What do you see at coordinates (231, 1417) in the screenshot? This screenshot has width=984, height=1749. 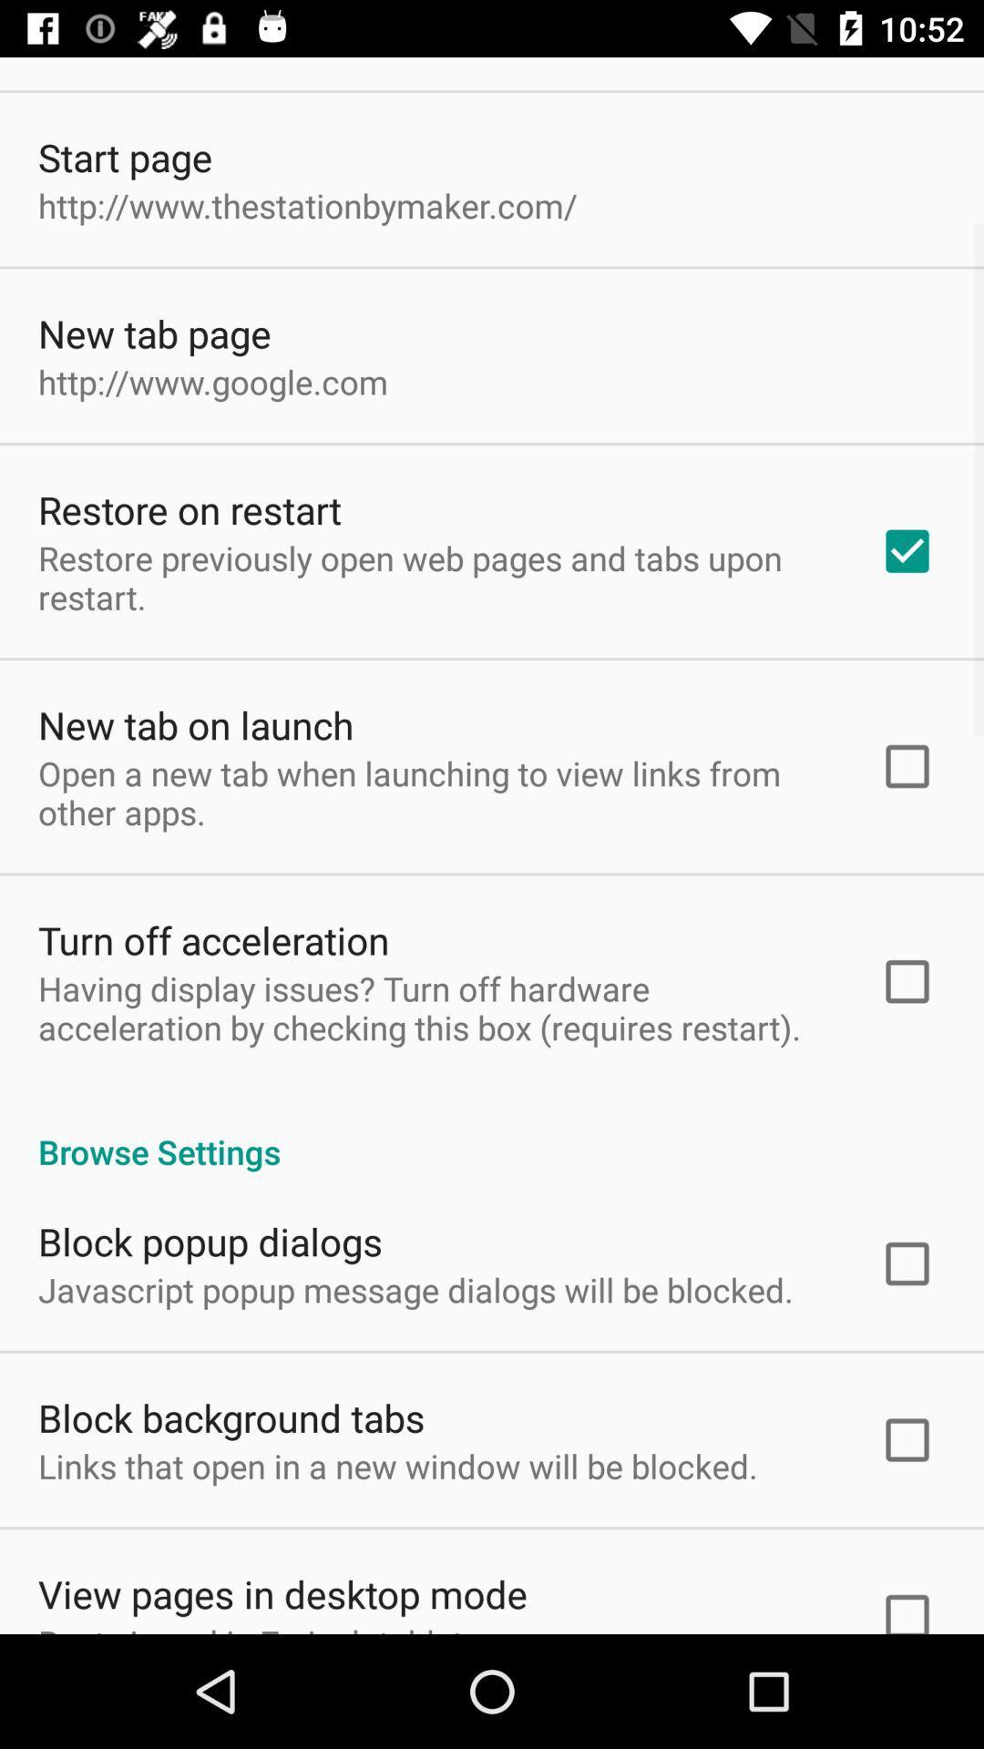 I see `the block background tabs app` at bounding box center [231, 1417].